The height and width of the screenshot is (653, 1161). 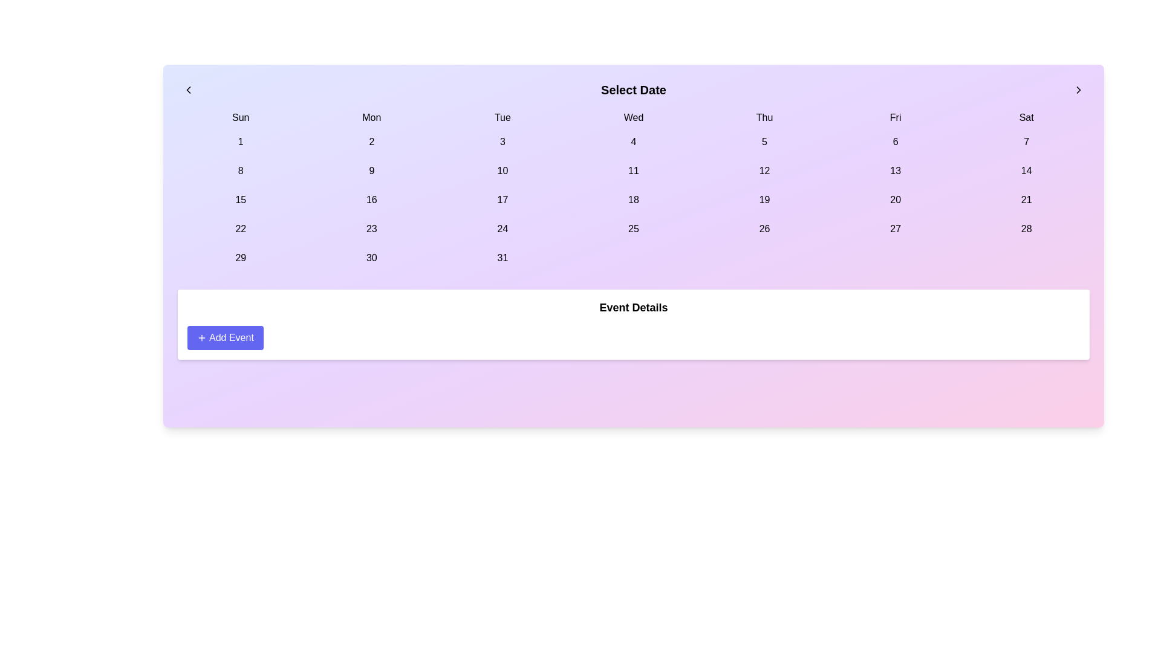 What do you see at coordinates (241, 171) in the screenshot?
I see `the button displaying the text '8' located in the second row, first column of the calendar layout` at bounding box center [241, 171].